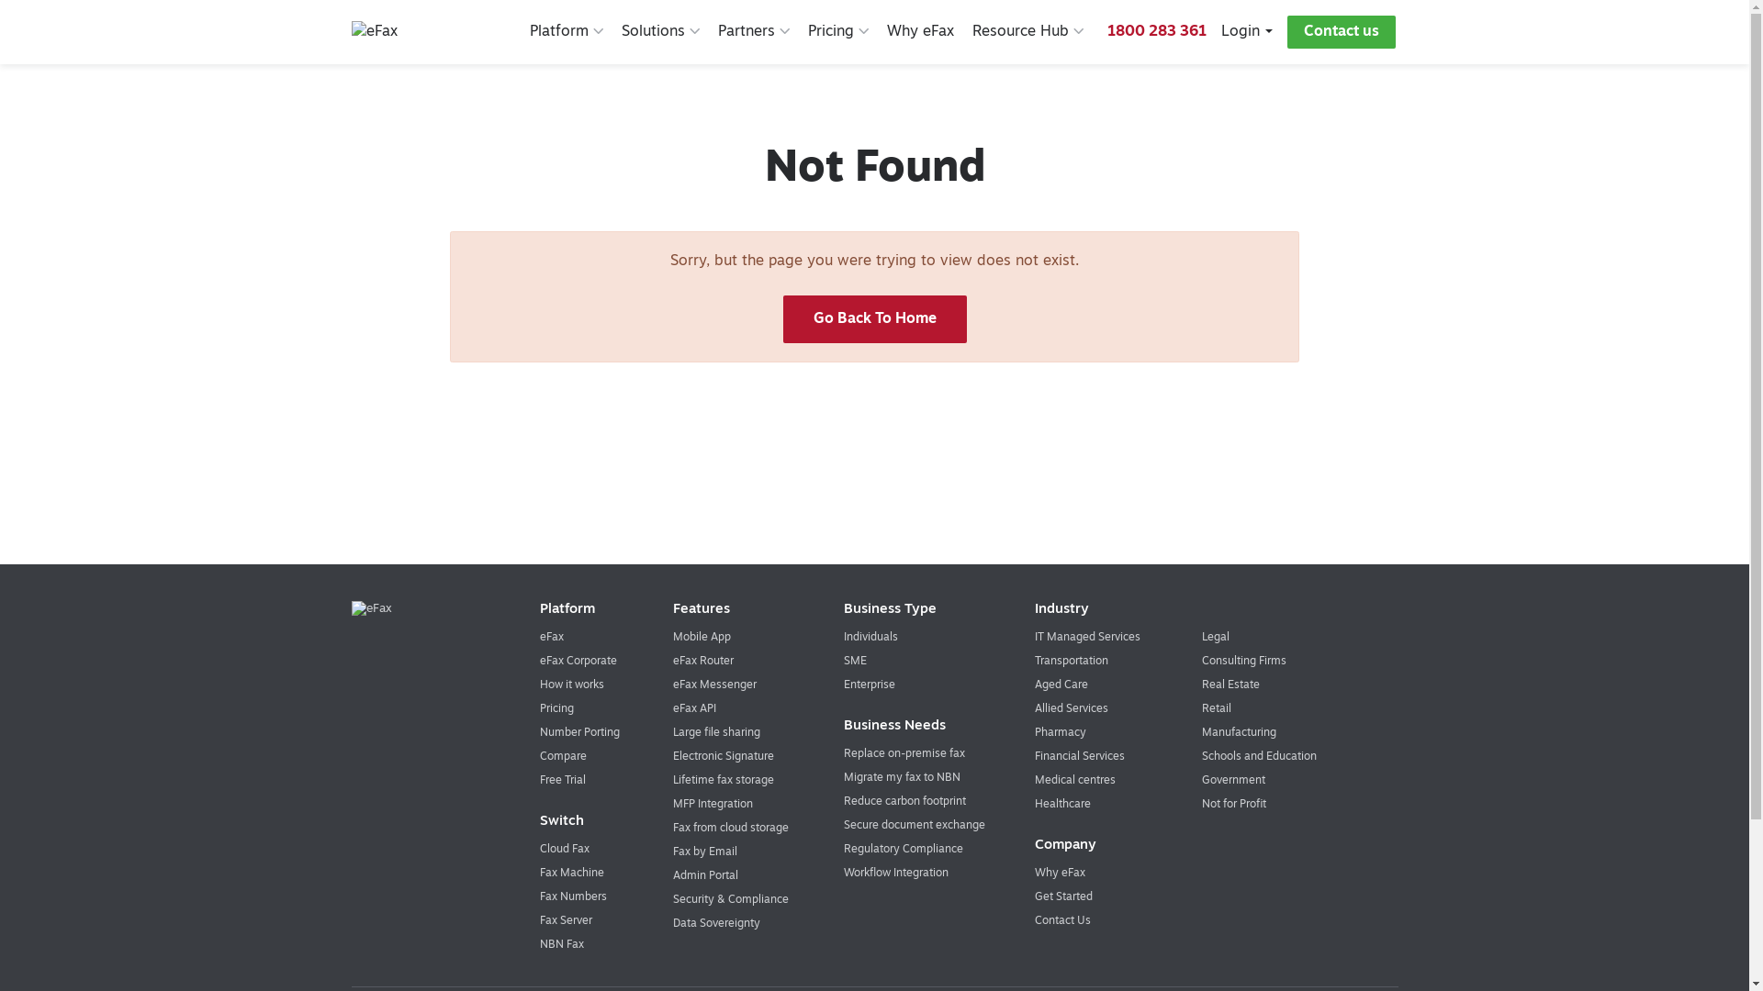 The width and height of the screenshot is (1763, 991). Describe the element at coordinates (737, 609) in the screenshot. I see `'Features'` at that location.